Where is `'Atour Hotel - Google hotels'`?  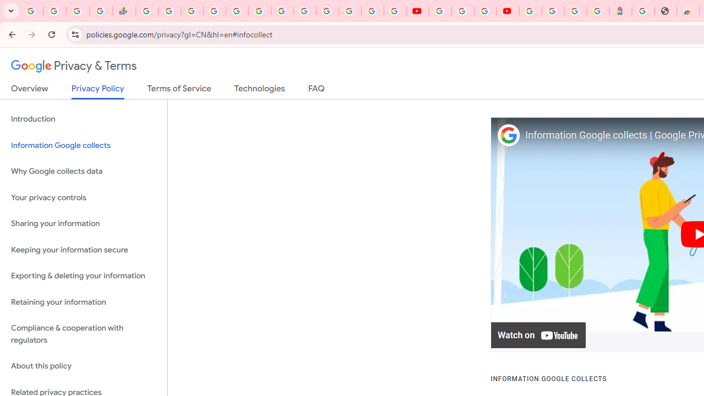
'Atour Hotel - Google hotels' is located at coordinates (620, 11).